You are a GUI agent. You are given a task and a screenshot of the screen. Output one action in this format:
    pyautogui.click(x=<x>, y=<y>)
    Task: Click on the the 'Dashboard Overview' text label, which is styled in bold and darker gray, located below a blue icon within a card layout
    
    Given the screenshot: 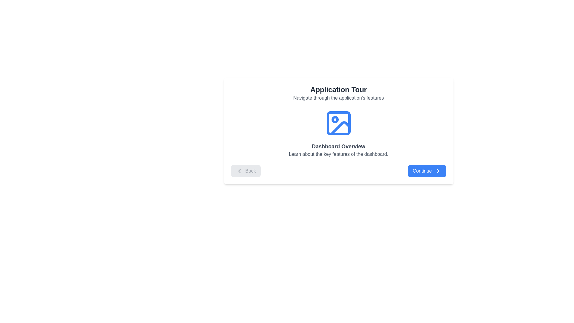 What is the action you would take?
    pyautogui.click(x=338, y=146)
    